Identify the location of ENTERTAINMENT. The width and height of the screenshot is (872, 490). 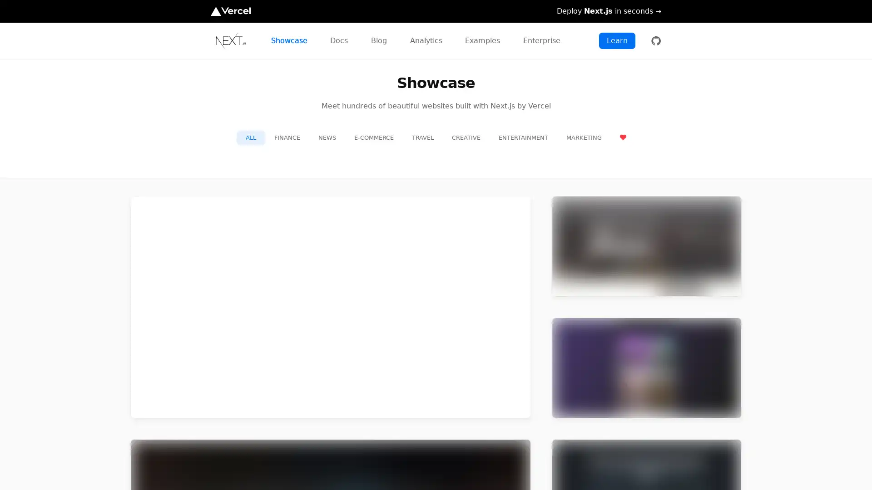
(523, 137).